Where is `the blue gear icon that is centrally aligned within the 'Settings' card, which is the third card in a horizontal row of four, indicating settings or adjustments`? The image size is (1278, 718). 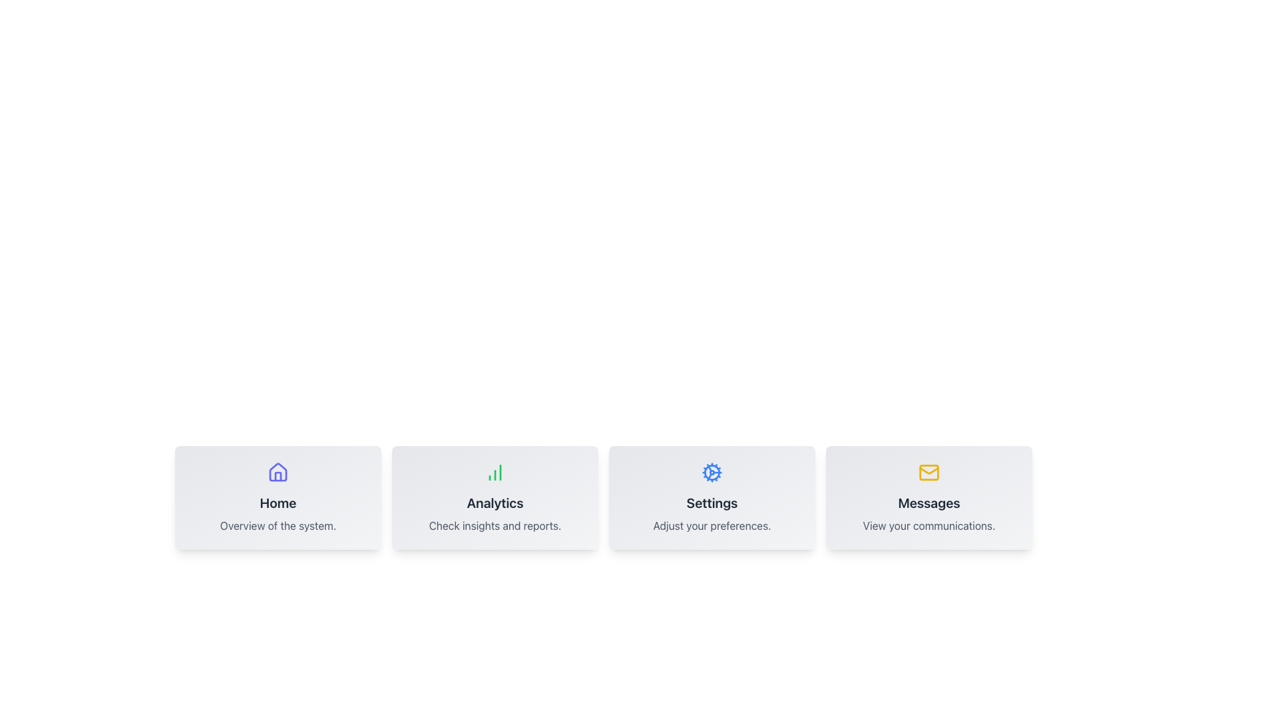
the blue gear icon that is centrally aligned within the 'Settings' card, which is the third card in a horizontal row of four, indicating settings or adjustments is located at coordinates (712, 471).